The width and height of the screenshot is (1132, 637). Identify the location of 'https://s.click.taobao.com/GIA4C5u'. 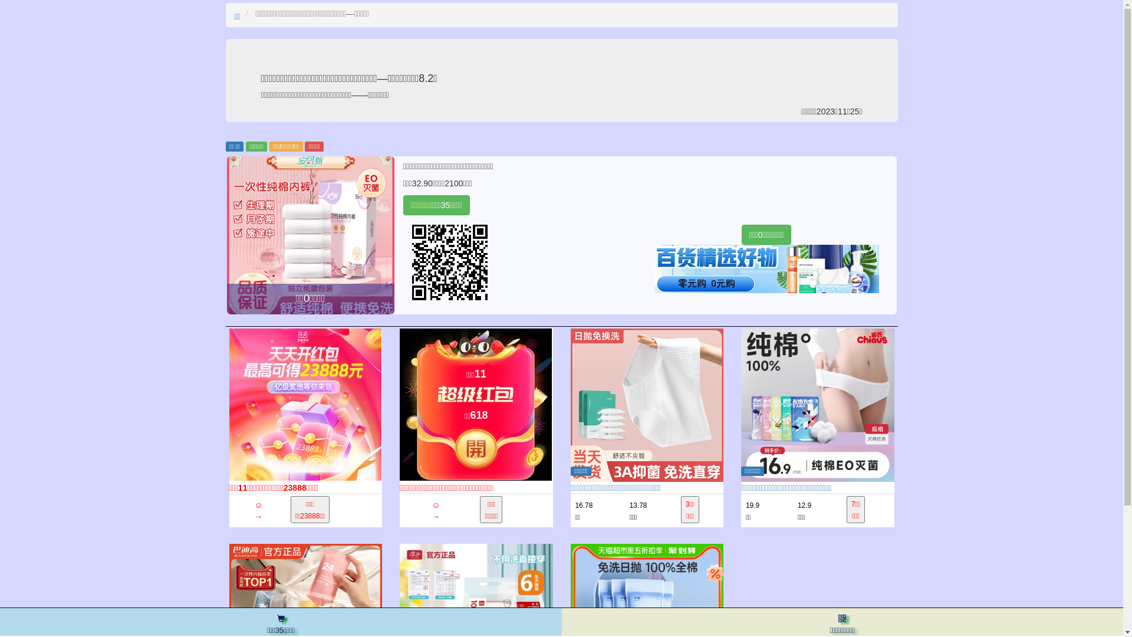
(403, 261).